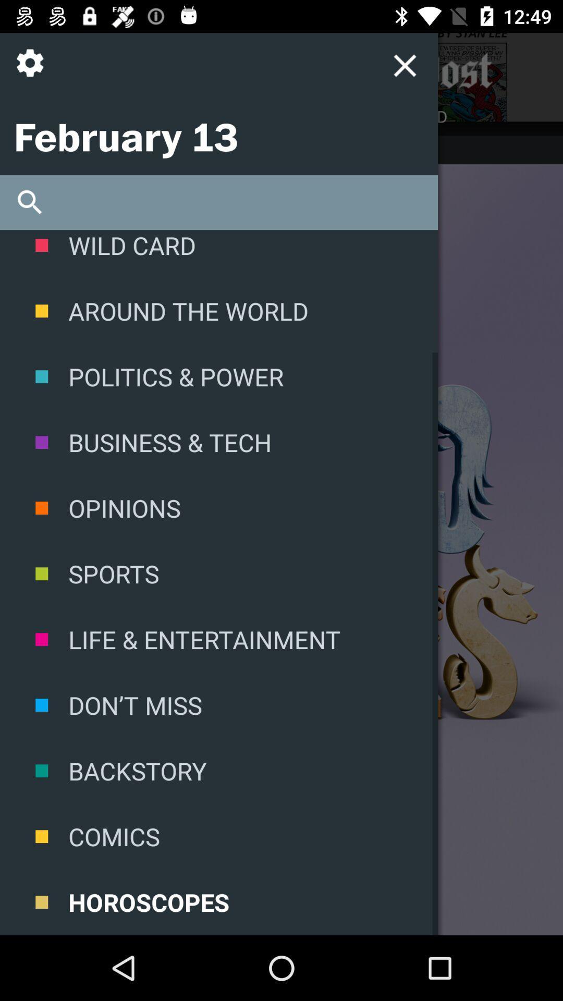 This screenshot has height=1001, width=563. I want to click on icon below the around the world icon, so click(218, 376).